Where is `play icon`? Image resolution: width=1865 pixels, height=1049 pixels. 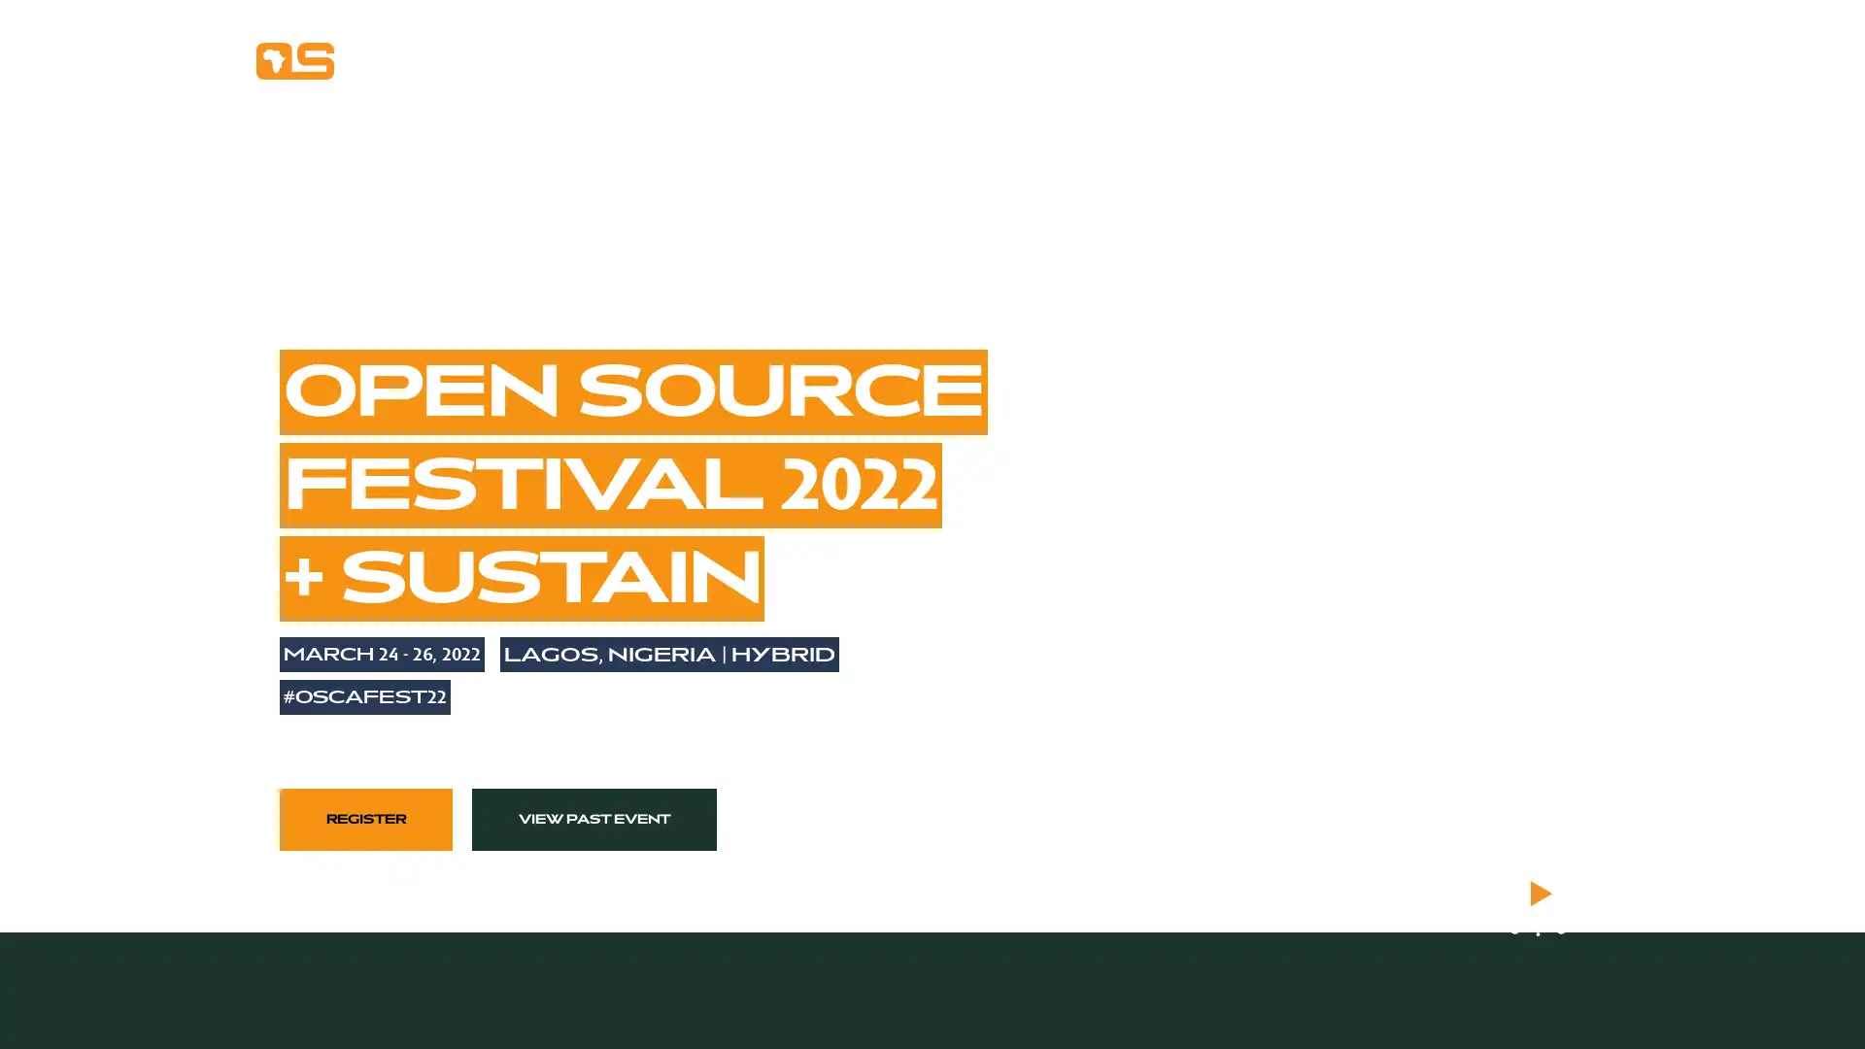
play icon is located at coordinates (1537, 894).